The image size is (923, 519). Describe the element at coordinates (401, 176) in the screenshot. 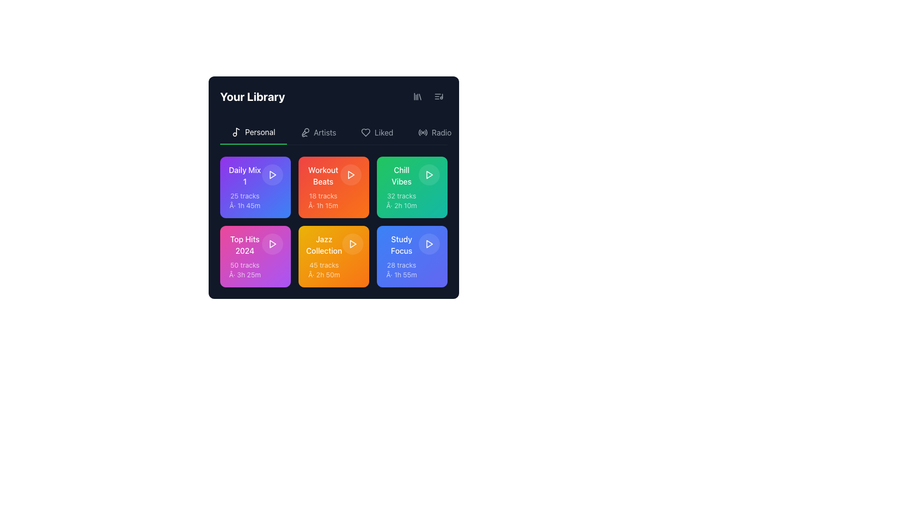

I see `the text label displaying 'Chill Vibes' which is styled in a white medium-weight font and located in the third column and first row of the grid layout in the 'Your Library' section` at that location.